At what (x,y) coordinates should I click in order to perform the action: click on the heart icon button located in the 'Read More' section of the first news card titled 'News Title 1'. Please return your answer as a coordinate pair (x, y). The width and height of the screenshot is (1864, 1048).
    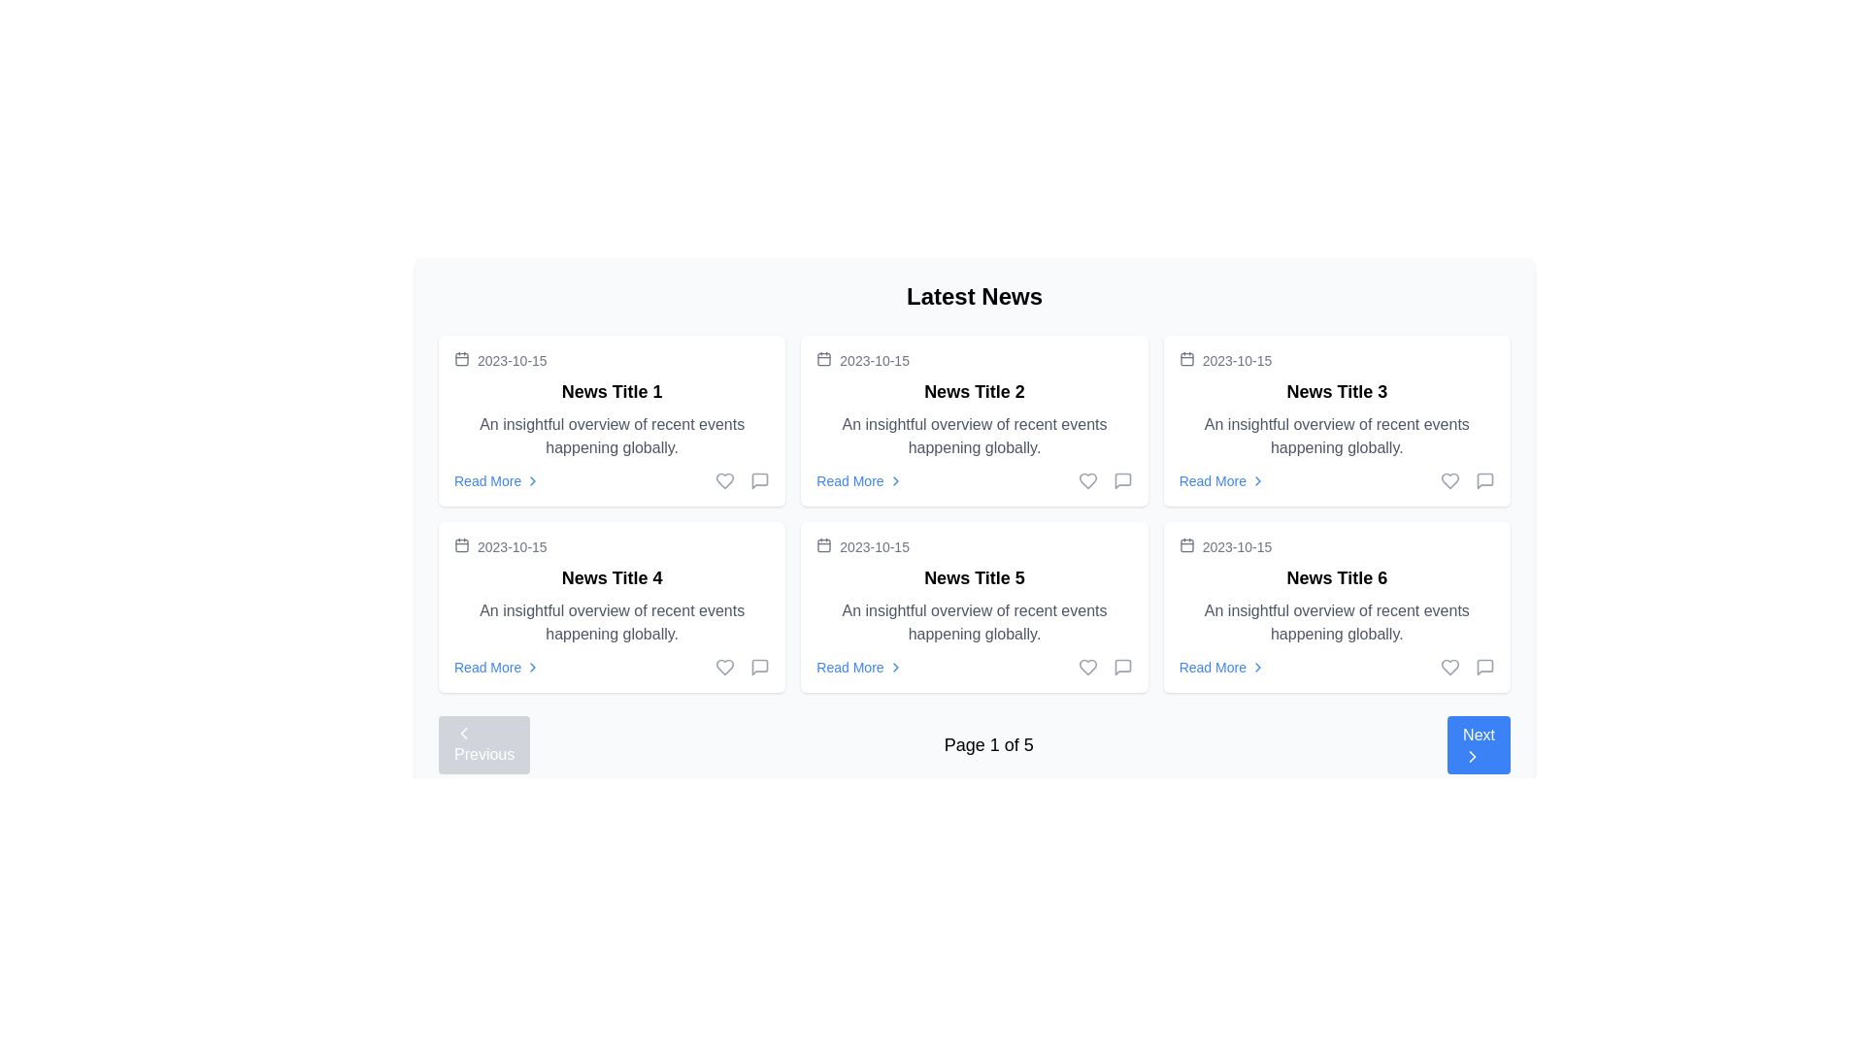
    Looking at the image, I should click on (742, 480).